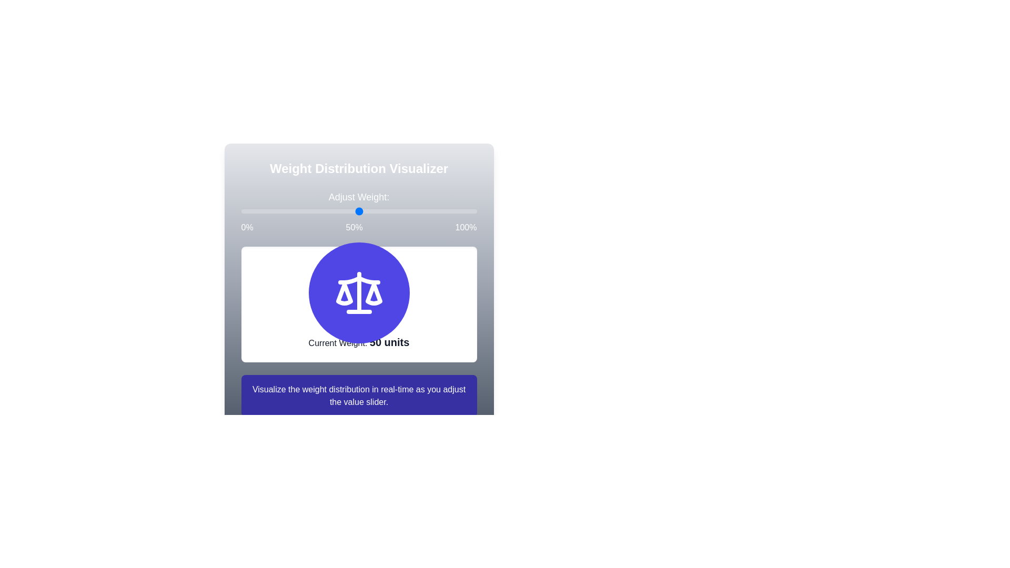 The height and width of the screenshot is (568, 1010). I want to click on the weight slider to set the weight to 71%, so click(240, 211).